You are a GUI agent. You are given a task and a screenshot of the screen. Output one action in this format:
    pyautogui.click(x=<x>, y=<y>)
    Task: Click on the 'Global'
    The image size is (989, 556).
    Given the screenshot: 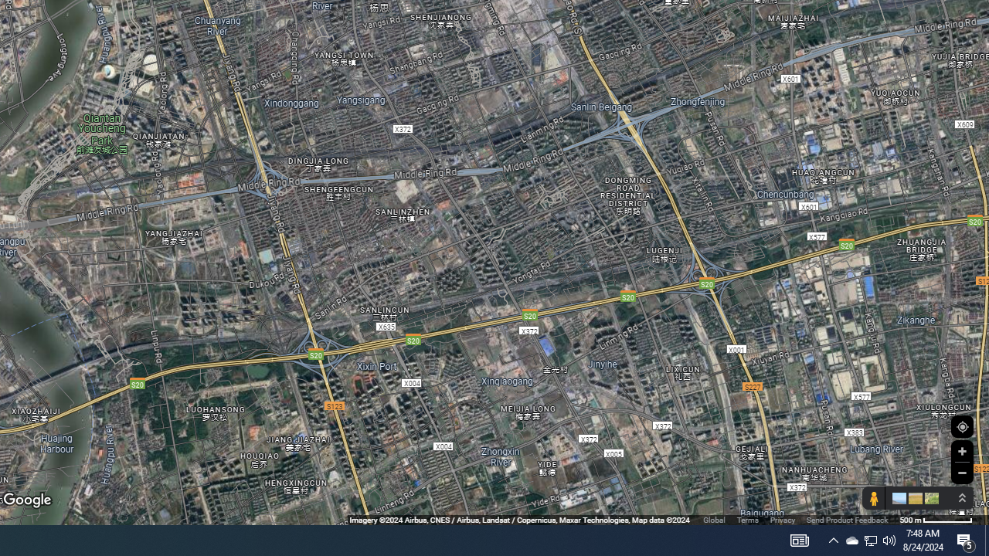 What is the action you would take?
    pyautogui.click(x=713, y=520)
    